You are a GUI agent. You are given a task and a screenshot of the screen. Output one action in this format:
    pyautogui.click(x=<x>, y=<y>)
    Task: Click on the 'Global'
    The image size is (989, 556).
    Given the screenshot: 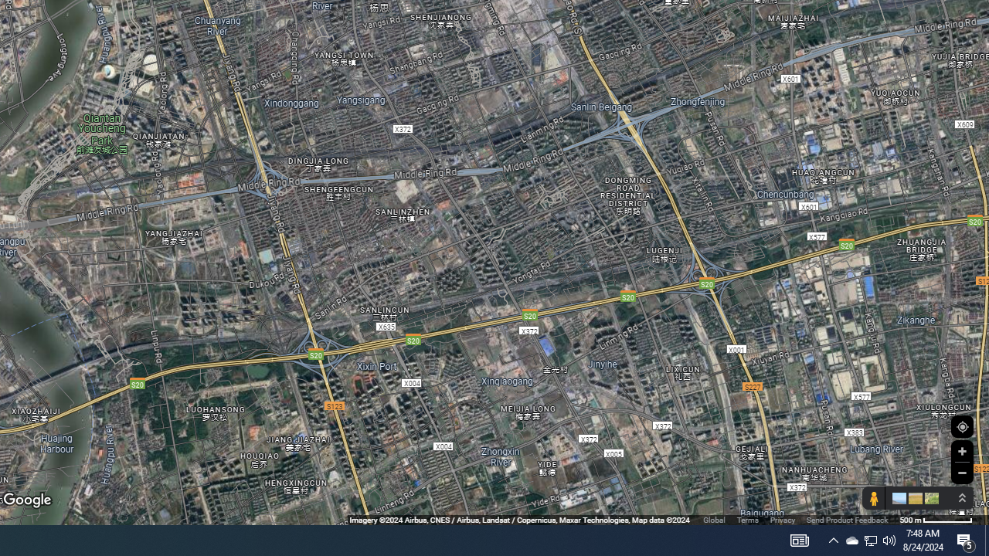 What is the action you would take?
    pyautogui.click(x=713, y=520)
    